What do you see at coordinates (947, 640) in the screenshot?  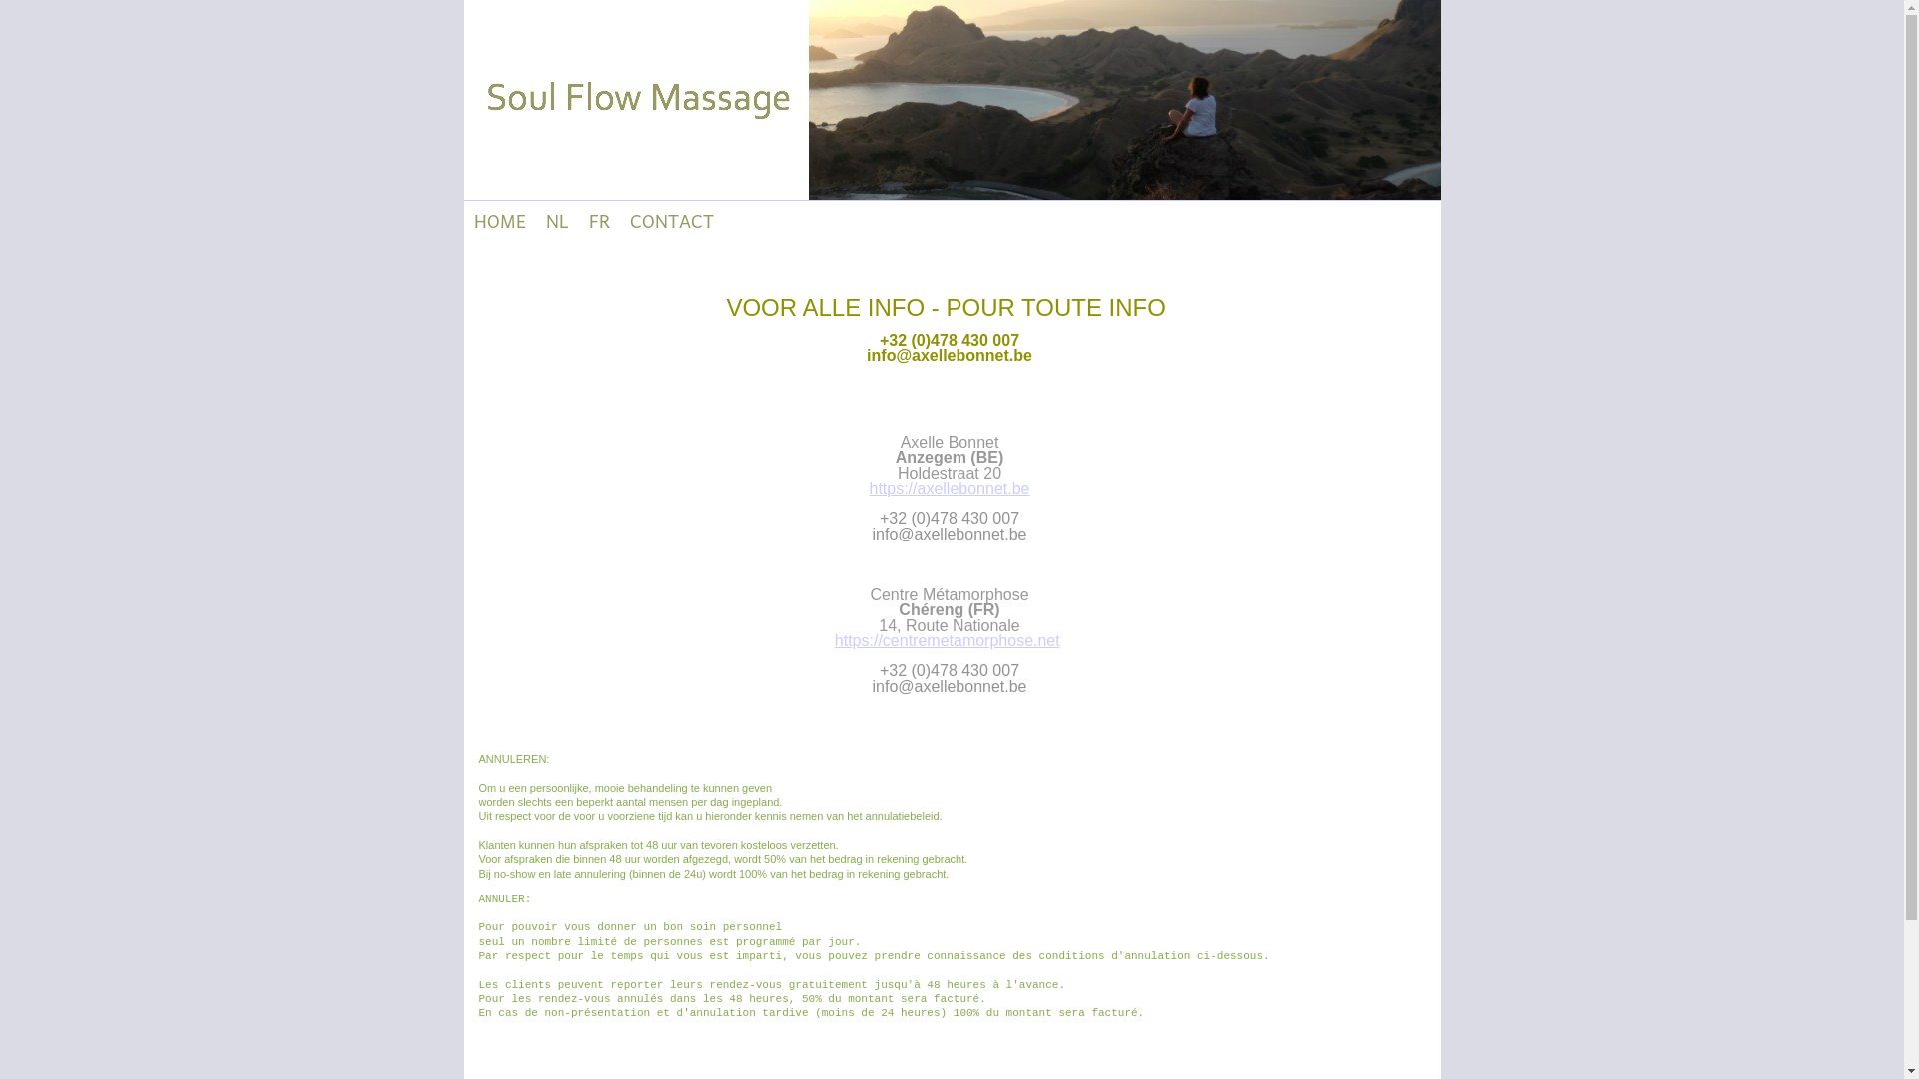 I see `'https://centremetamorphose.net'` at bounding box center [947, 640].